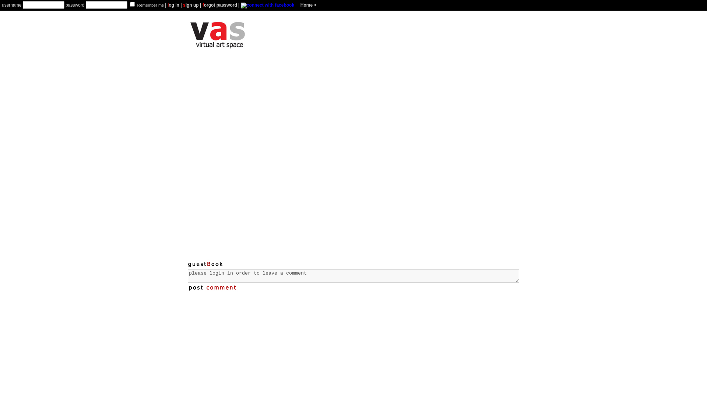 The width and height of the screenshot is (707, 397). I want to click on 'post comment', so click(187, 287).